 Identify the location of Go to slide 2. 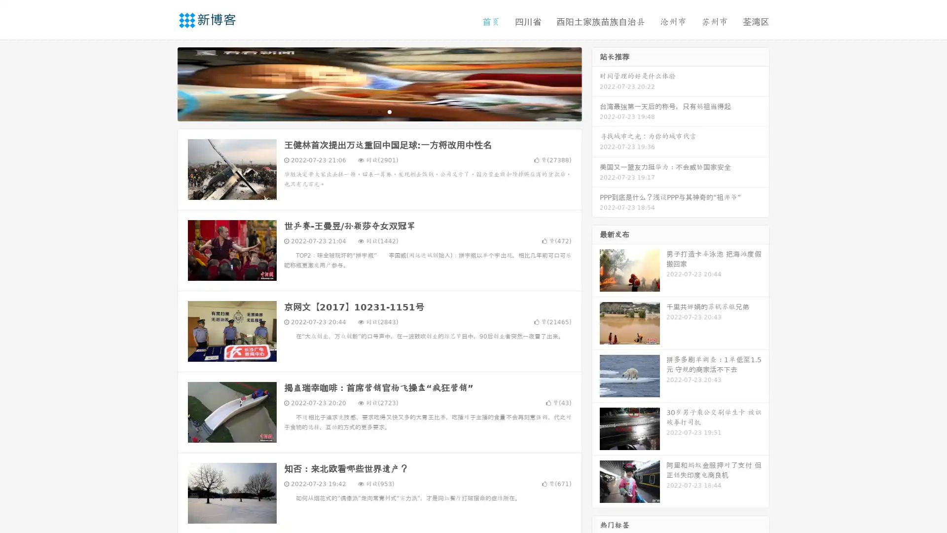
(379, 111).